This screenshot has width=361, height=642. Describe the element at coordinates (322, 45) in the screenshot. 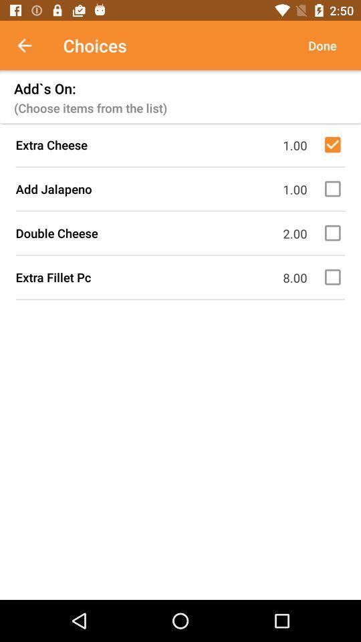

I see `done` at that location.